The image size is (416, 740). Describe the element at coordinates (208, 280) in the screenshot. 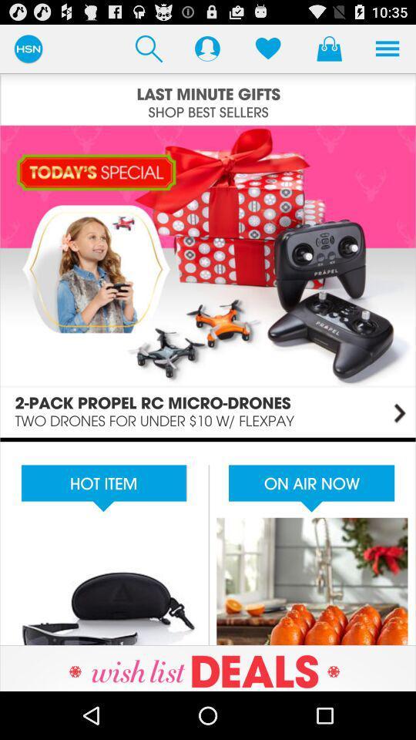

I see `today 's special section` at that location.